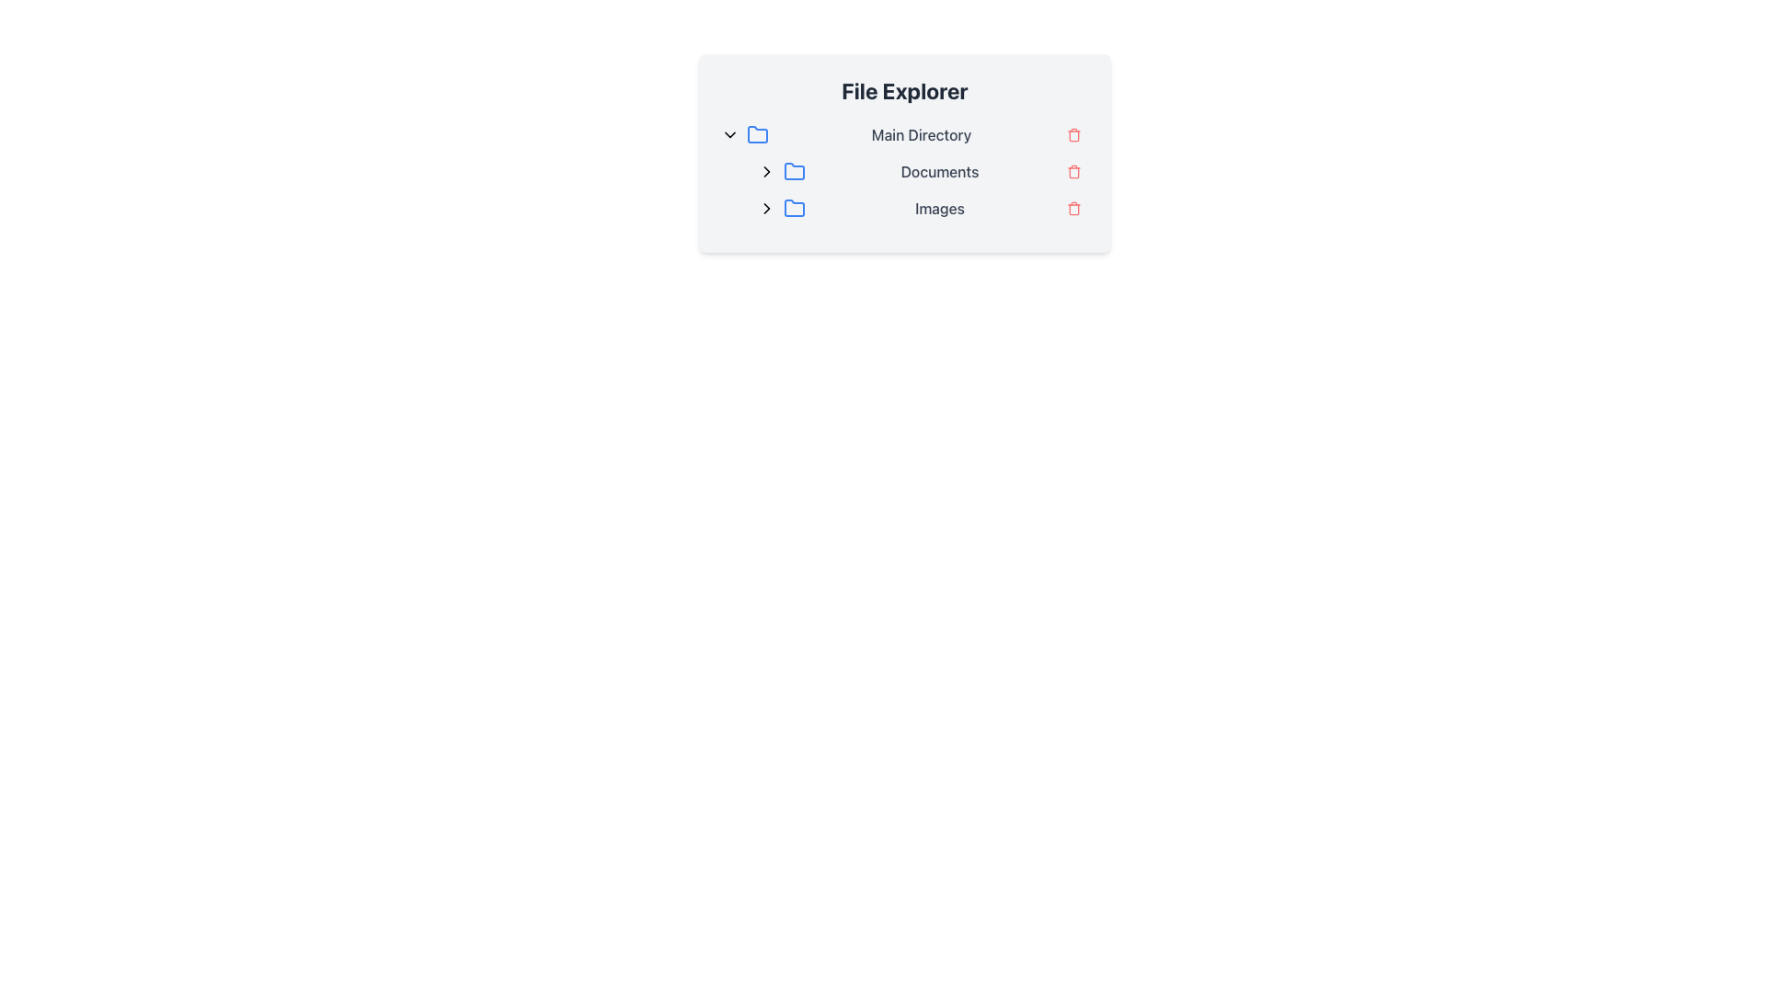 The height and width of the screenshot is (993, 1766). Describe the element at coordinates (904, 133) in the screenshot. I see `the topmost directory entry in the file explorer` at that location.